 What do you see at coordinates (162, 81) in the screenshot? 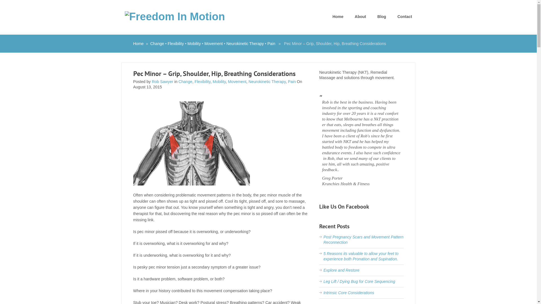
I see `'Rob Sawyer'` at bounding box center [162, 81].